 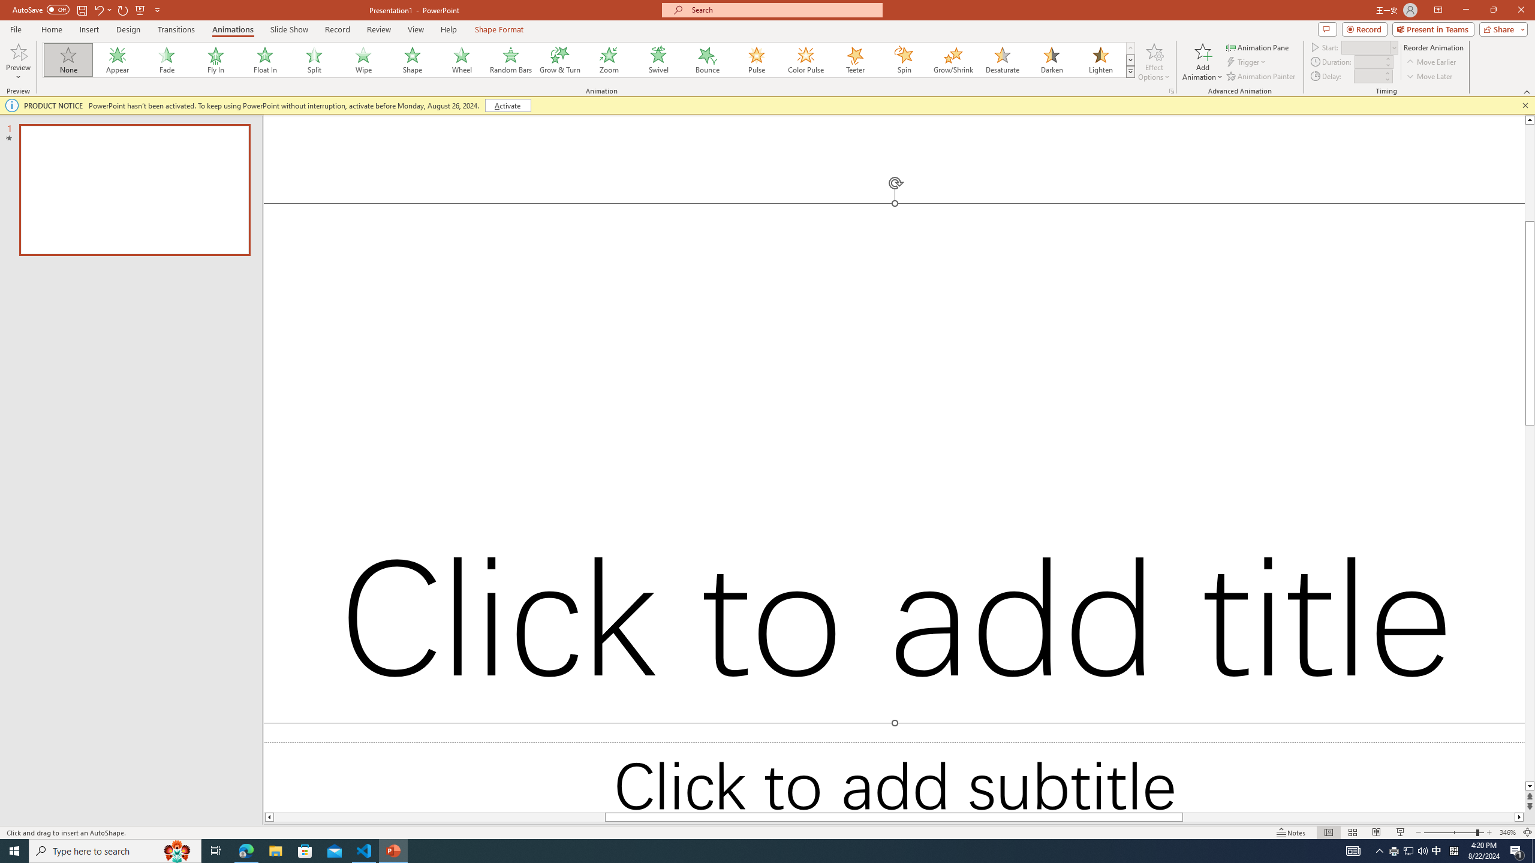 What do you see at coordinates (904, 59) in the screenshot?
I see `'Spin'` at bounding box center [904, 59].